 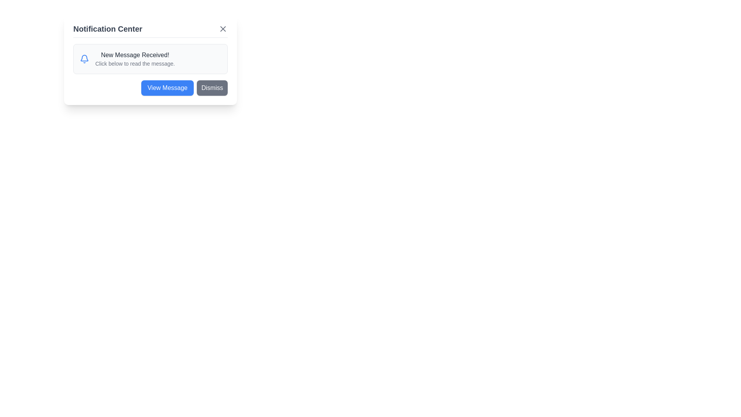 I want to click on the buttons within the Notification Card that displays 'New Message Received!' and 'Click below to read the message.', so click(x=150, y=70).